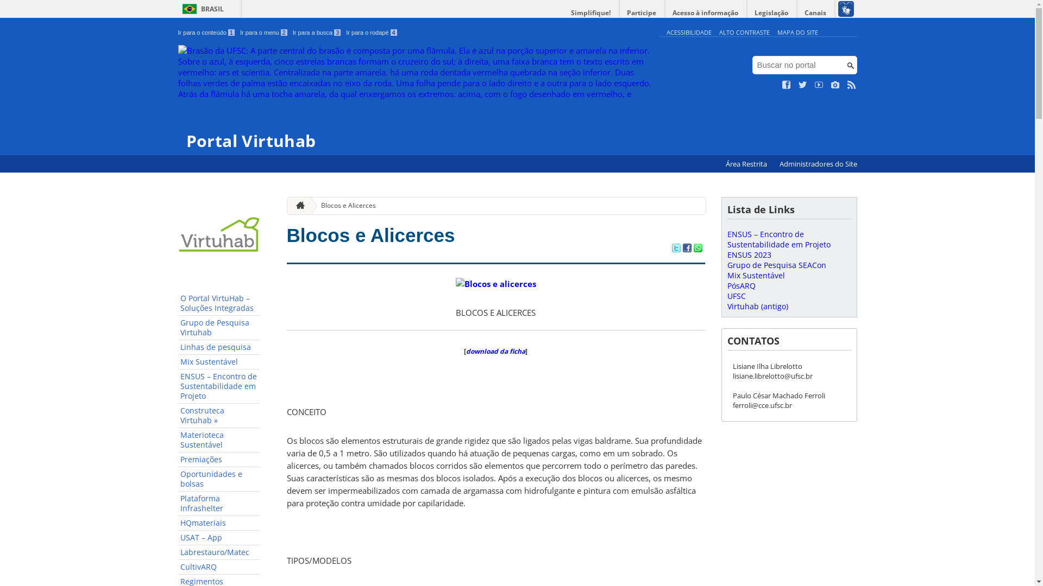 This screenshot has height=586, width=1043. I want to click on 'Simplifique!', so click(590, 12).